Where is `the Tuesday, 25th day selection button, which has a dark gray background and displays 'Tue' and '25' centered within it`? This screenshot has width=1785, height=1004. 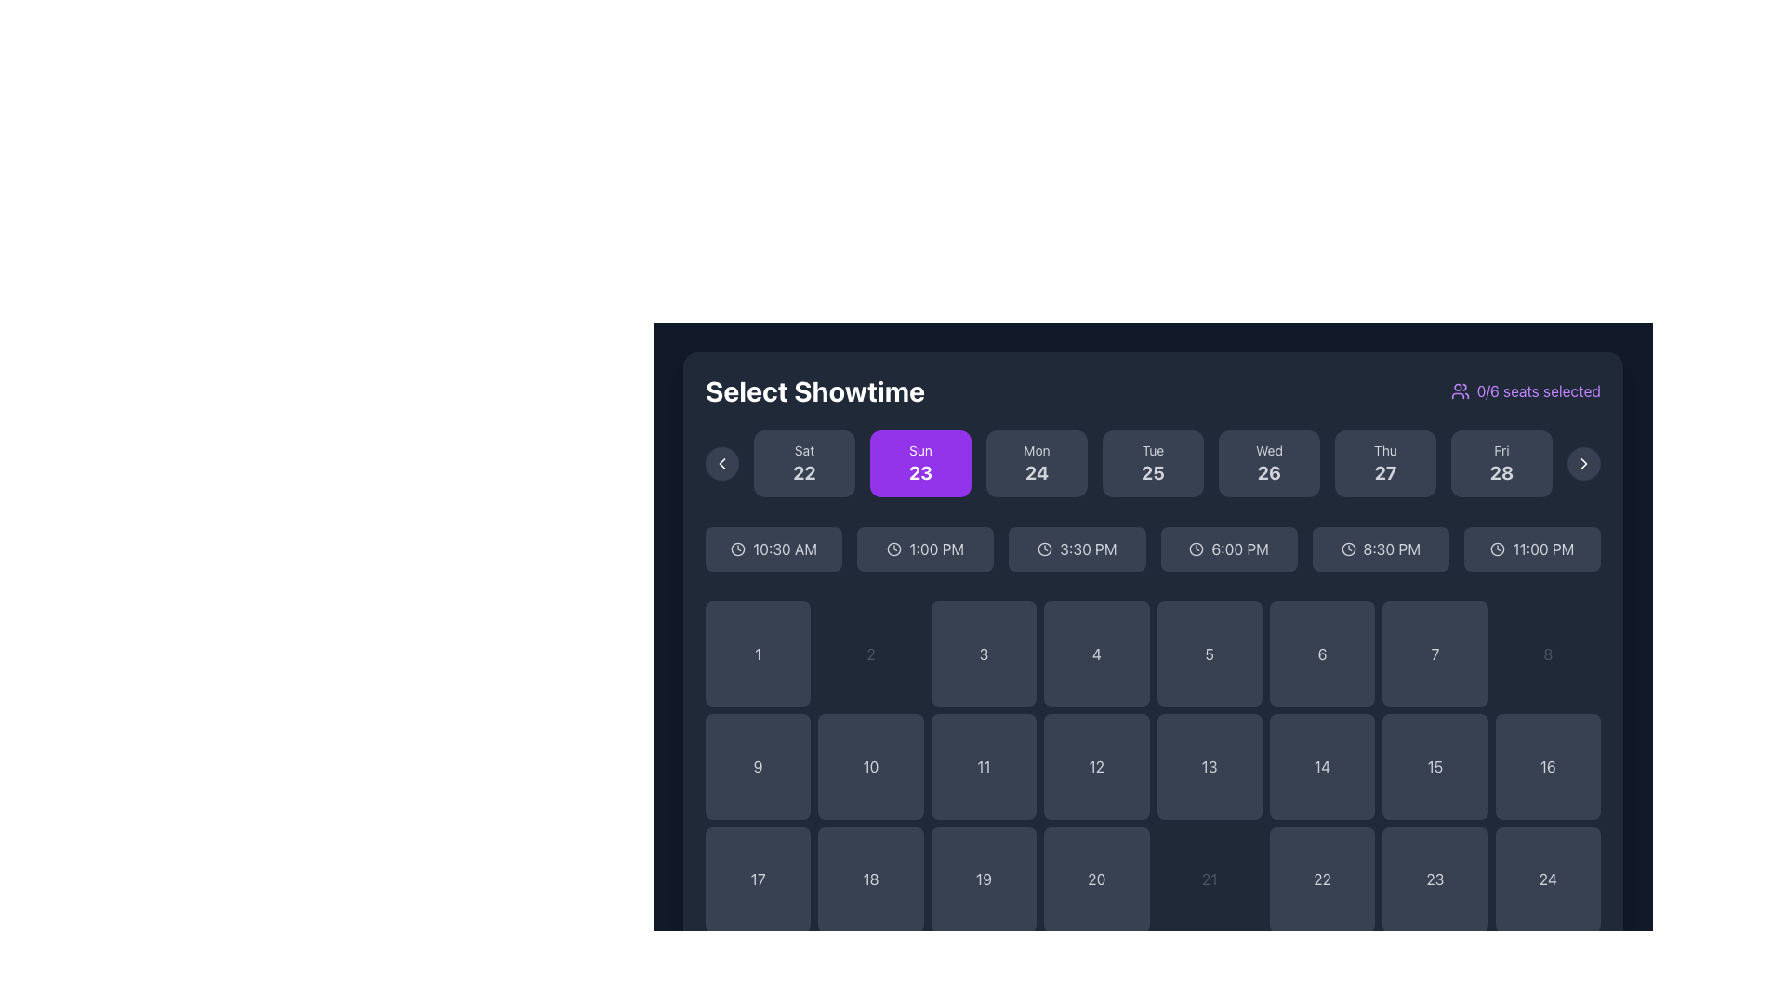
the Tuesday, 25th day selection button, which has a dark gray background and displays 'Tue' and '25' centered within it is located at coordinates (1152, 462).